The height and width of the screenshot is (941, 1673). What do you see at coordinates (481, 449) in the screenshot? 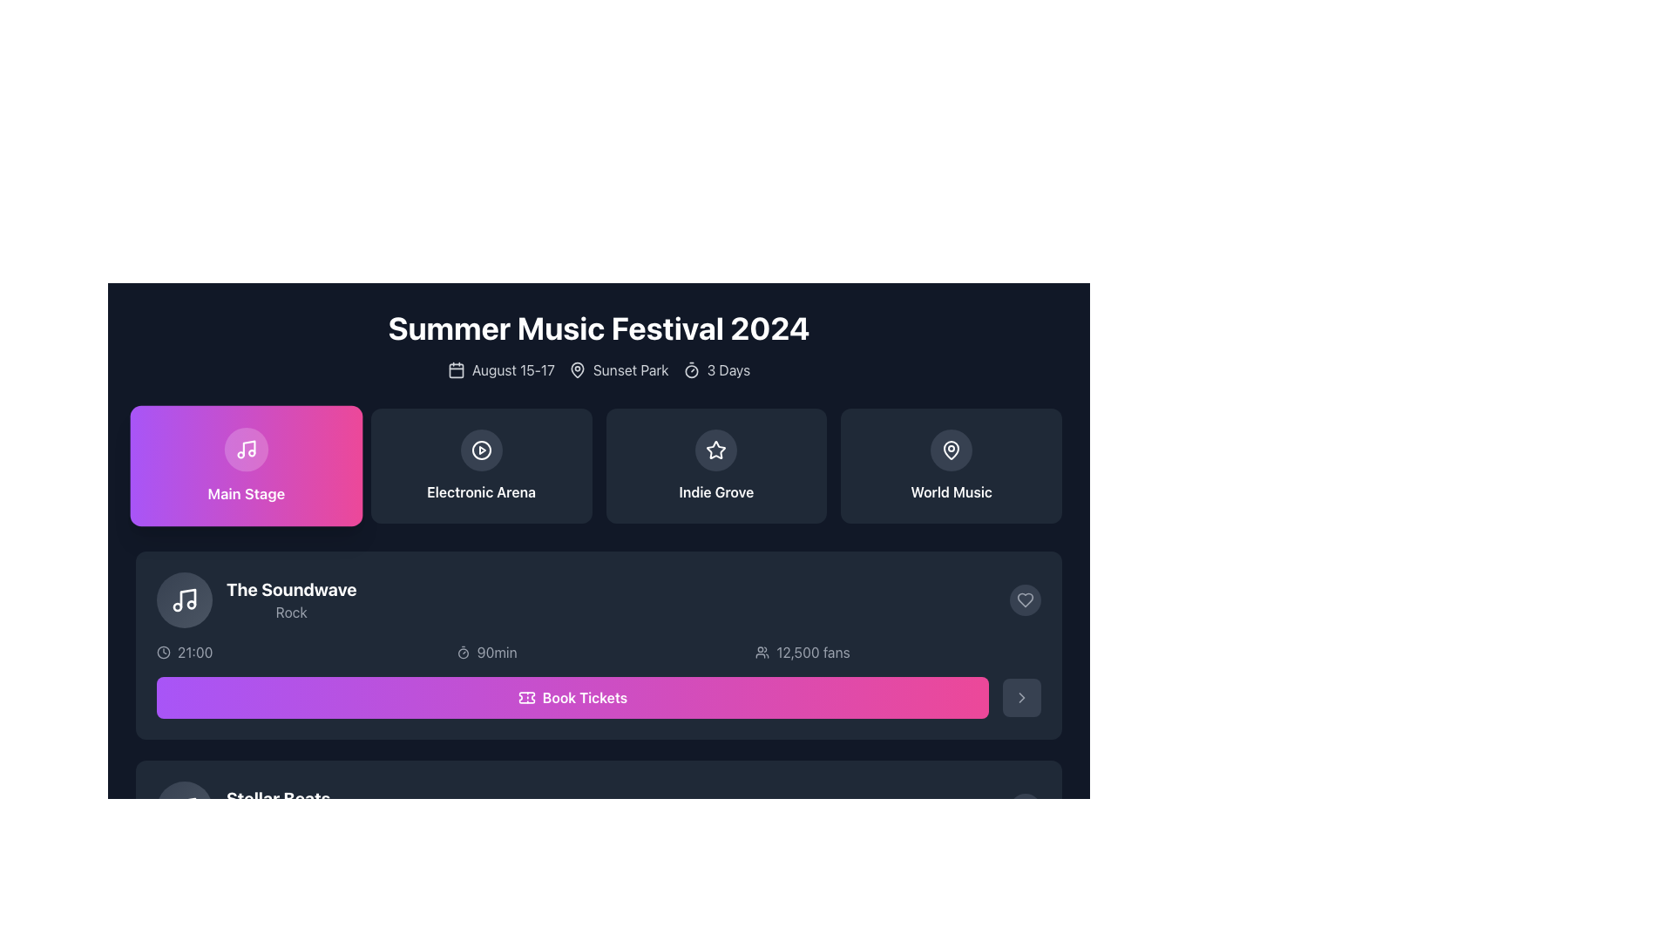
I see `the outer circular SVG element of the play button icon located in the 'Electronic Arena' section beneath the title 'Summer Music Festival 2024'` at bounding box center [481, 449].